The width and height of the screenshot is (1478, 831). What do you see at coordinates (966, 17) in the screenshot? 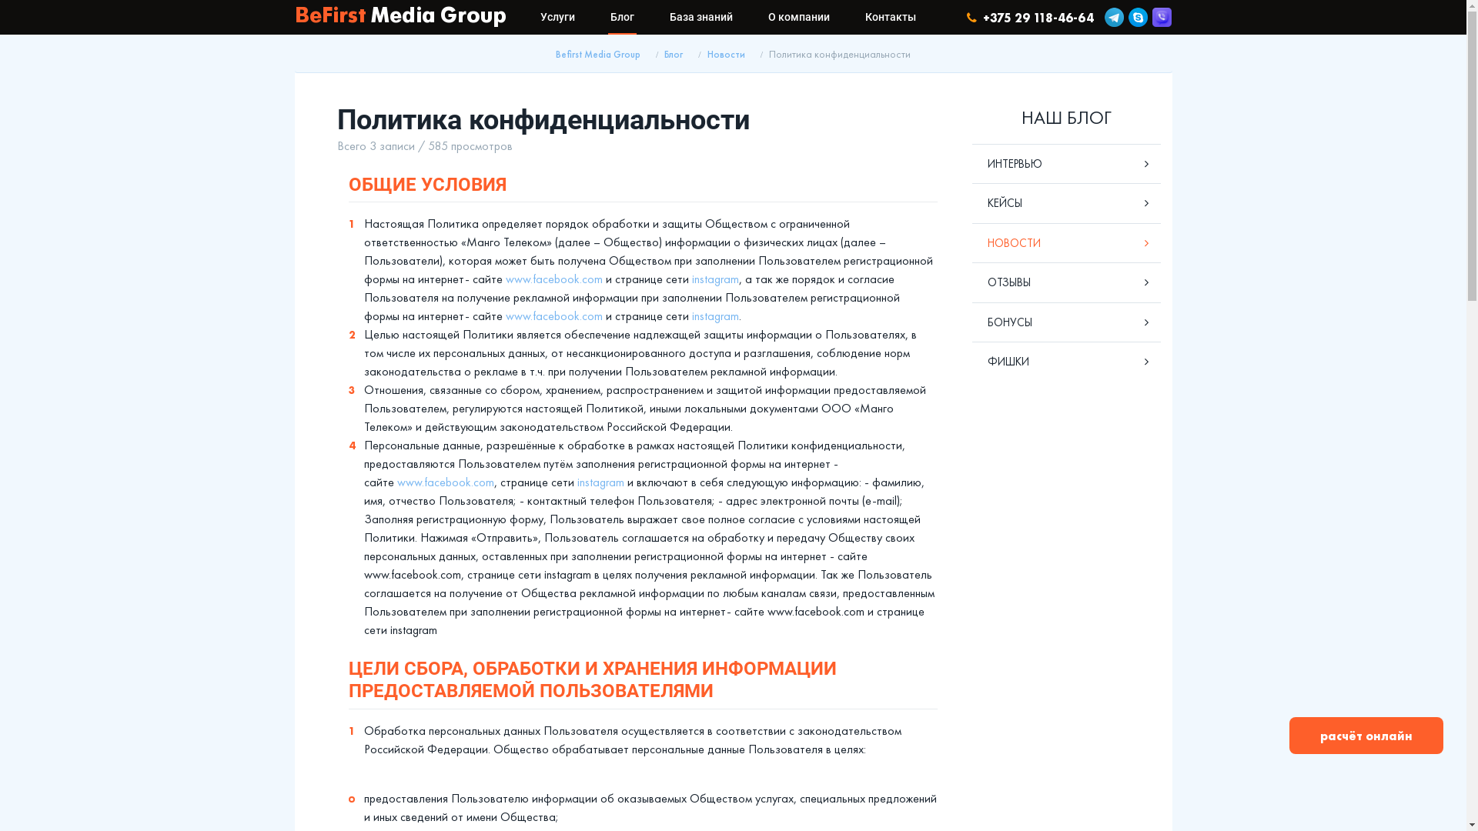
I see `'  +375 29 118-46-64'` at bounding box center [966, 17].